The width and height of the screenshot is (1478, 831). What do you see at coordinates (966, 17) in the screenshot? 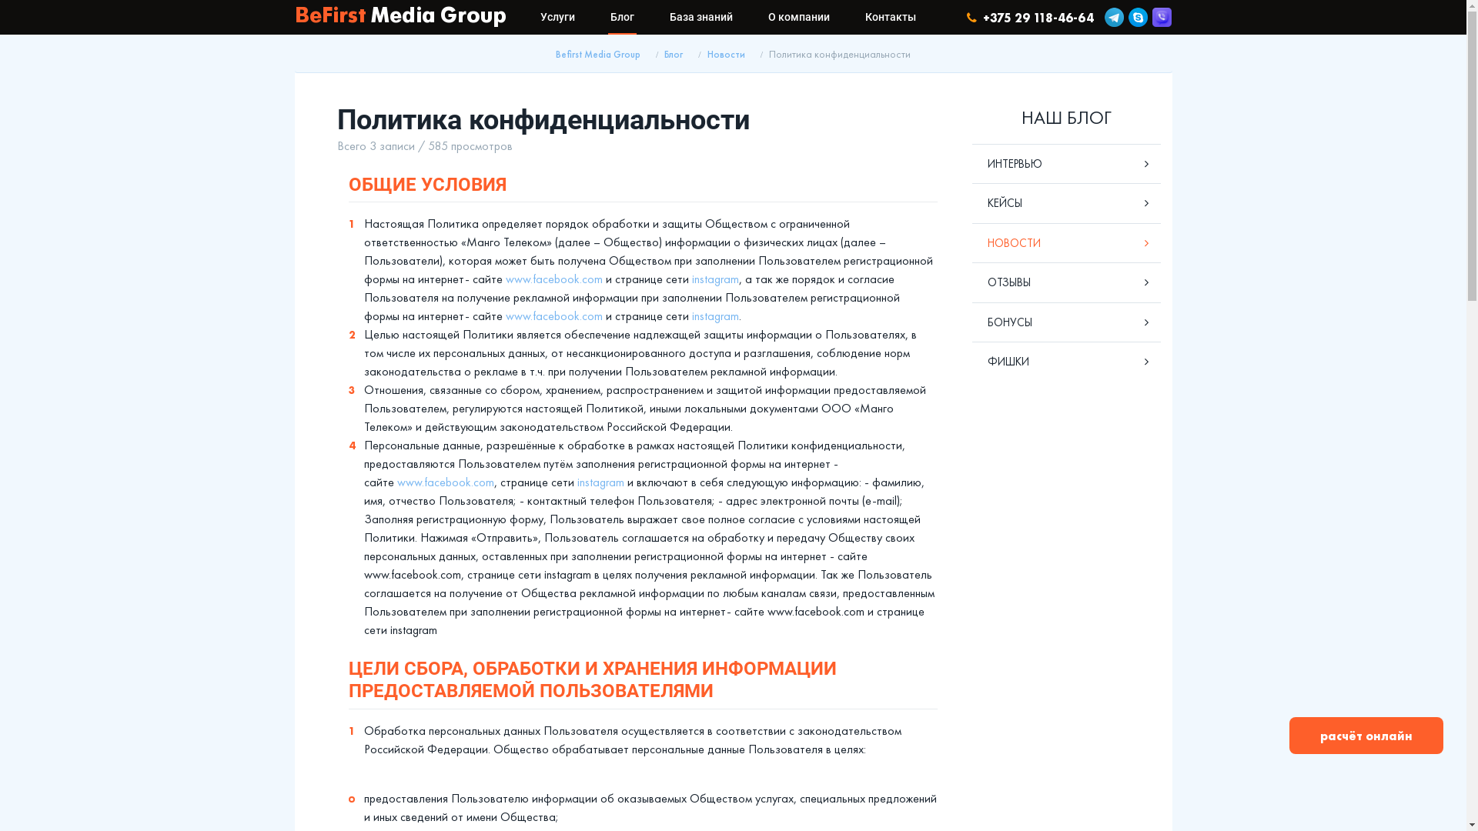
I see `'  +375 29 118-46-64'` at bounding box center [966, 17].